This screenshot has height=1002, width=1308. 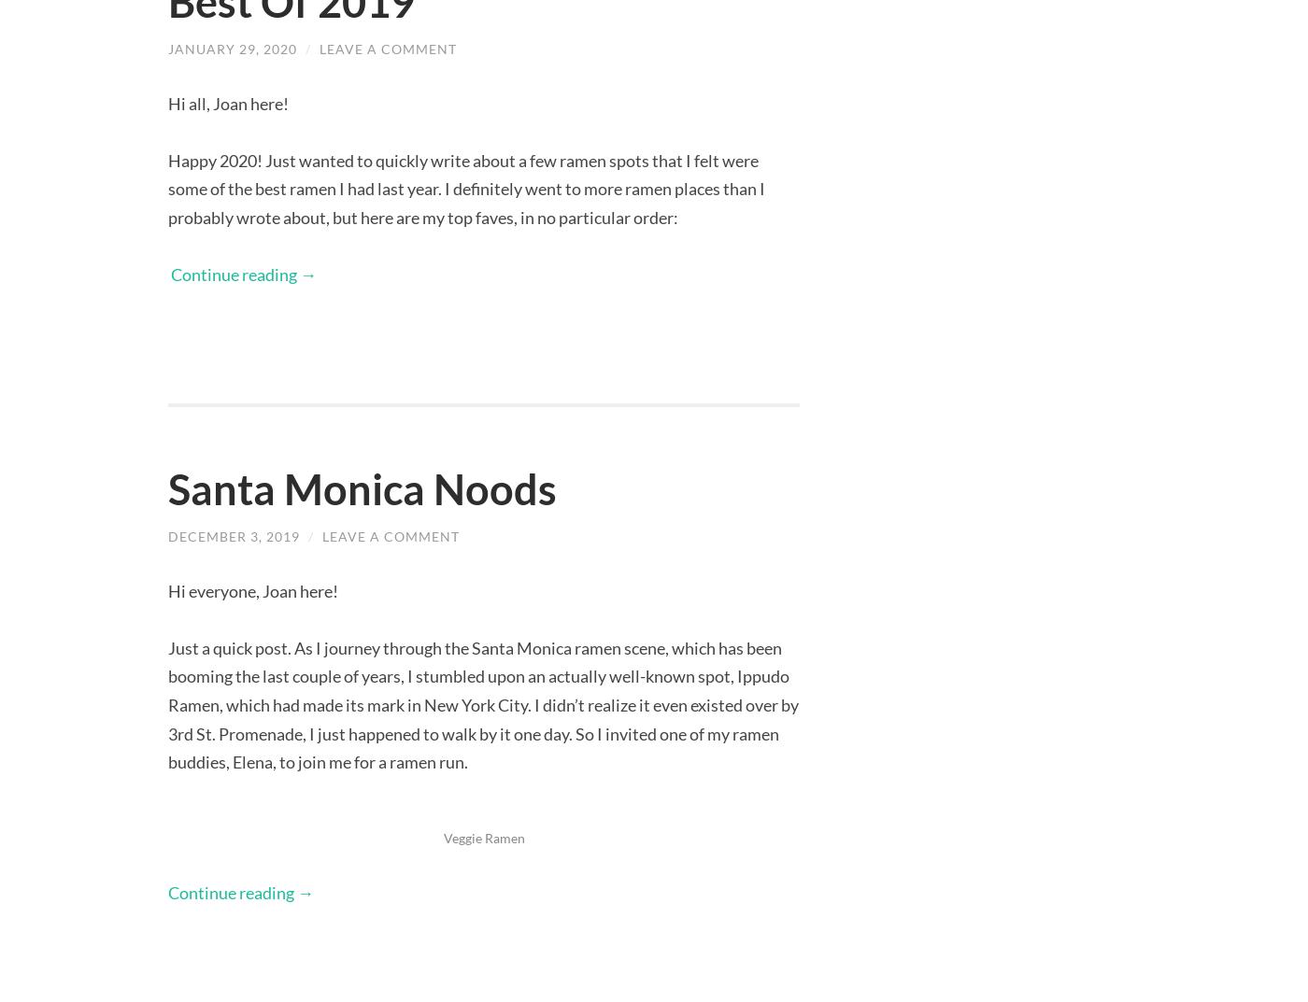 I want to click on 'Hi all, Joan here!', so click(x=228, y=102).